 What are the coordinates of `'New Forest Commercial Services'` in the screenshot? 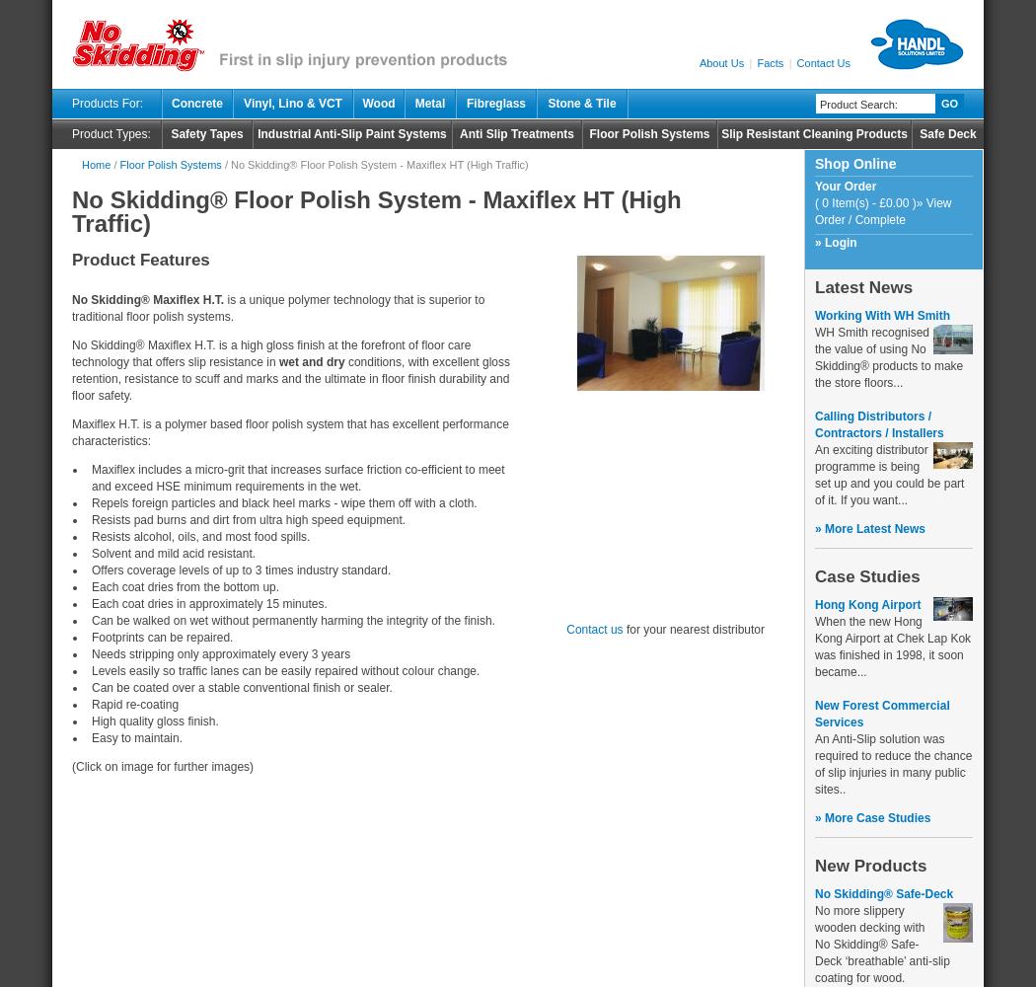 It's located at (880, 713).